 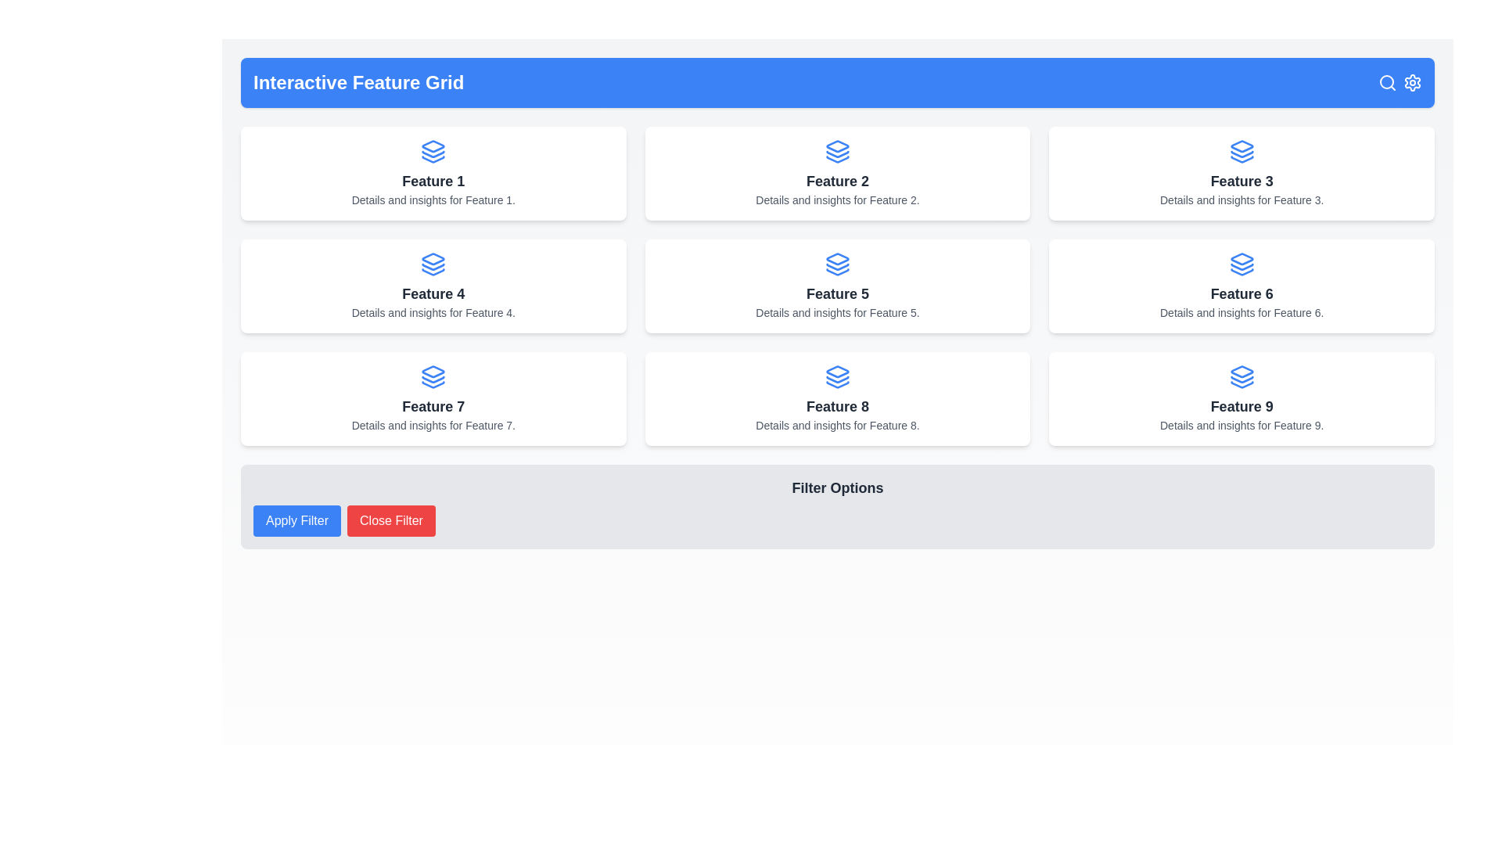 What do you see at coordinates (433, 180) in the screenshot?
I see `bold title 'Feature 1' displayed in a larger, gray font located in the top-left card of the 'Interactive Feature Grid' under the blue header` at bounding box center [433, 180].